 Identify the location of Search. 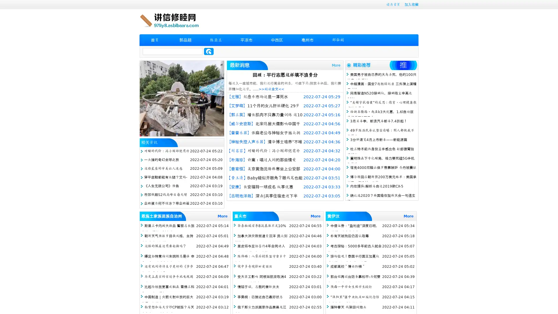
(209, 51).